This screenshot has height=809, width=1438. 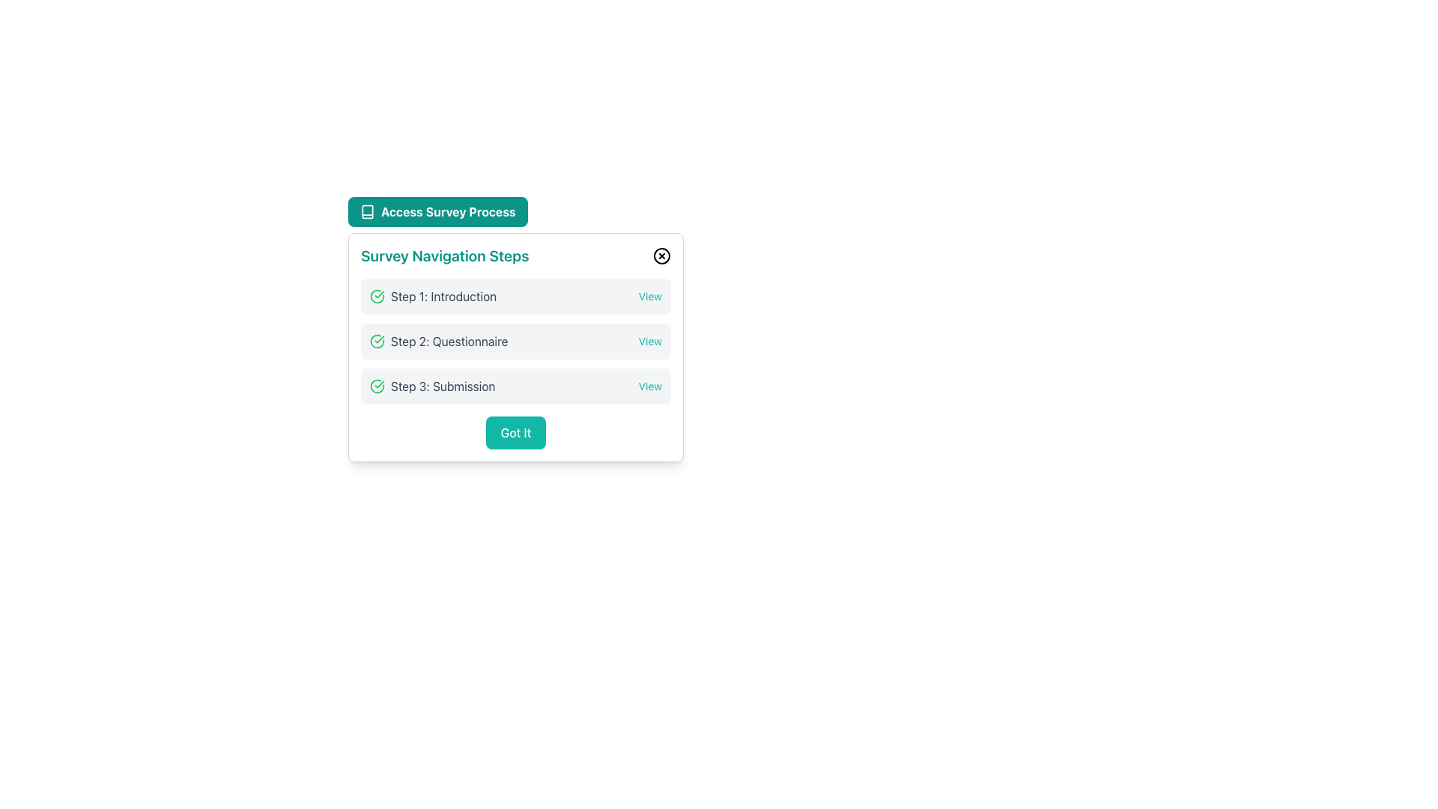 I want to click on the green checkmark icon indicating the completion of 'Step 2: Questionnaire', which is positioned to the left of the corresponding text, so click(x=377, y=341).